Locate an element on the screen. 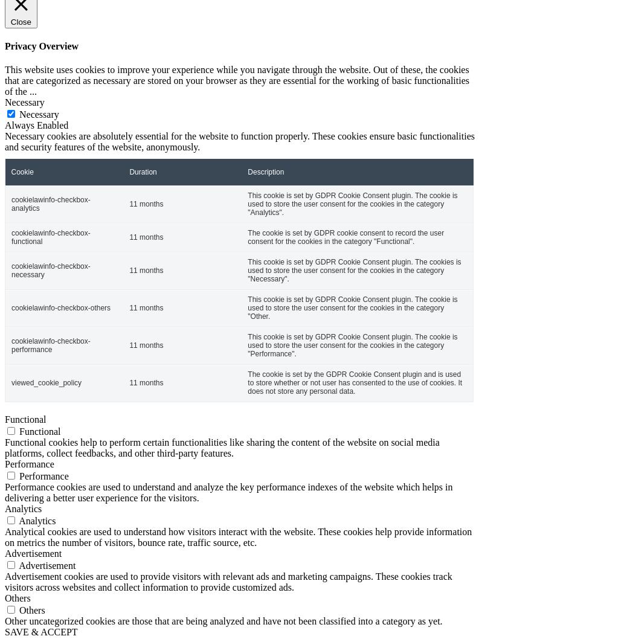 The image size is (627, 639). 'This cookie is set by GDPR Cookie Consent plugin. The cookie is used to store the user consent for the cookies in the category "Performance".' is located at coordinates (248, 345).